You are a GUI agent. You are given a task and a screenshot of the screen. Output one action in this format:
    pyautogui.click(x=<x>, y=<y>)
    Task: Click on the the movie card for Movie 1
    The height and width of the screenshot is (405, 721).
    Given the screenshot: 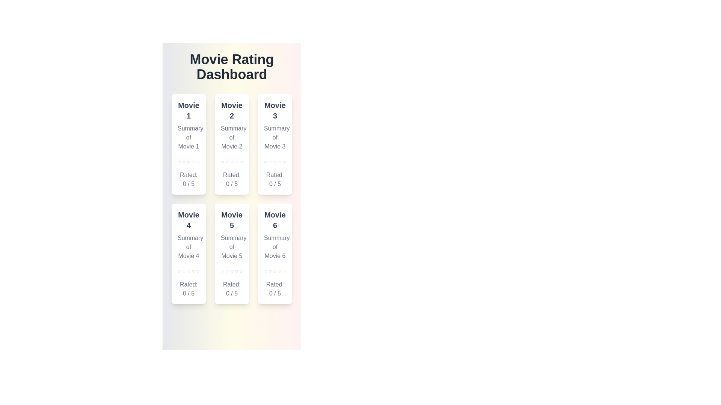 What is the action you would take?
    pyautogui.click(x=189, y=144)
    